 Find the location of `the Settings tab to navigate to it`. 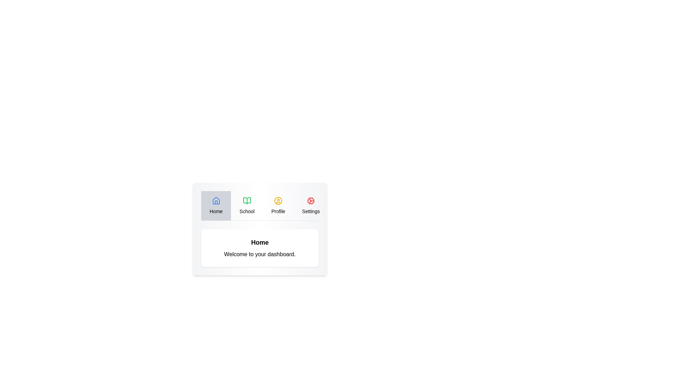

the Settings tab to navigate to it is located at coordinates (311, 205).